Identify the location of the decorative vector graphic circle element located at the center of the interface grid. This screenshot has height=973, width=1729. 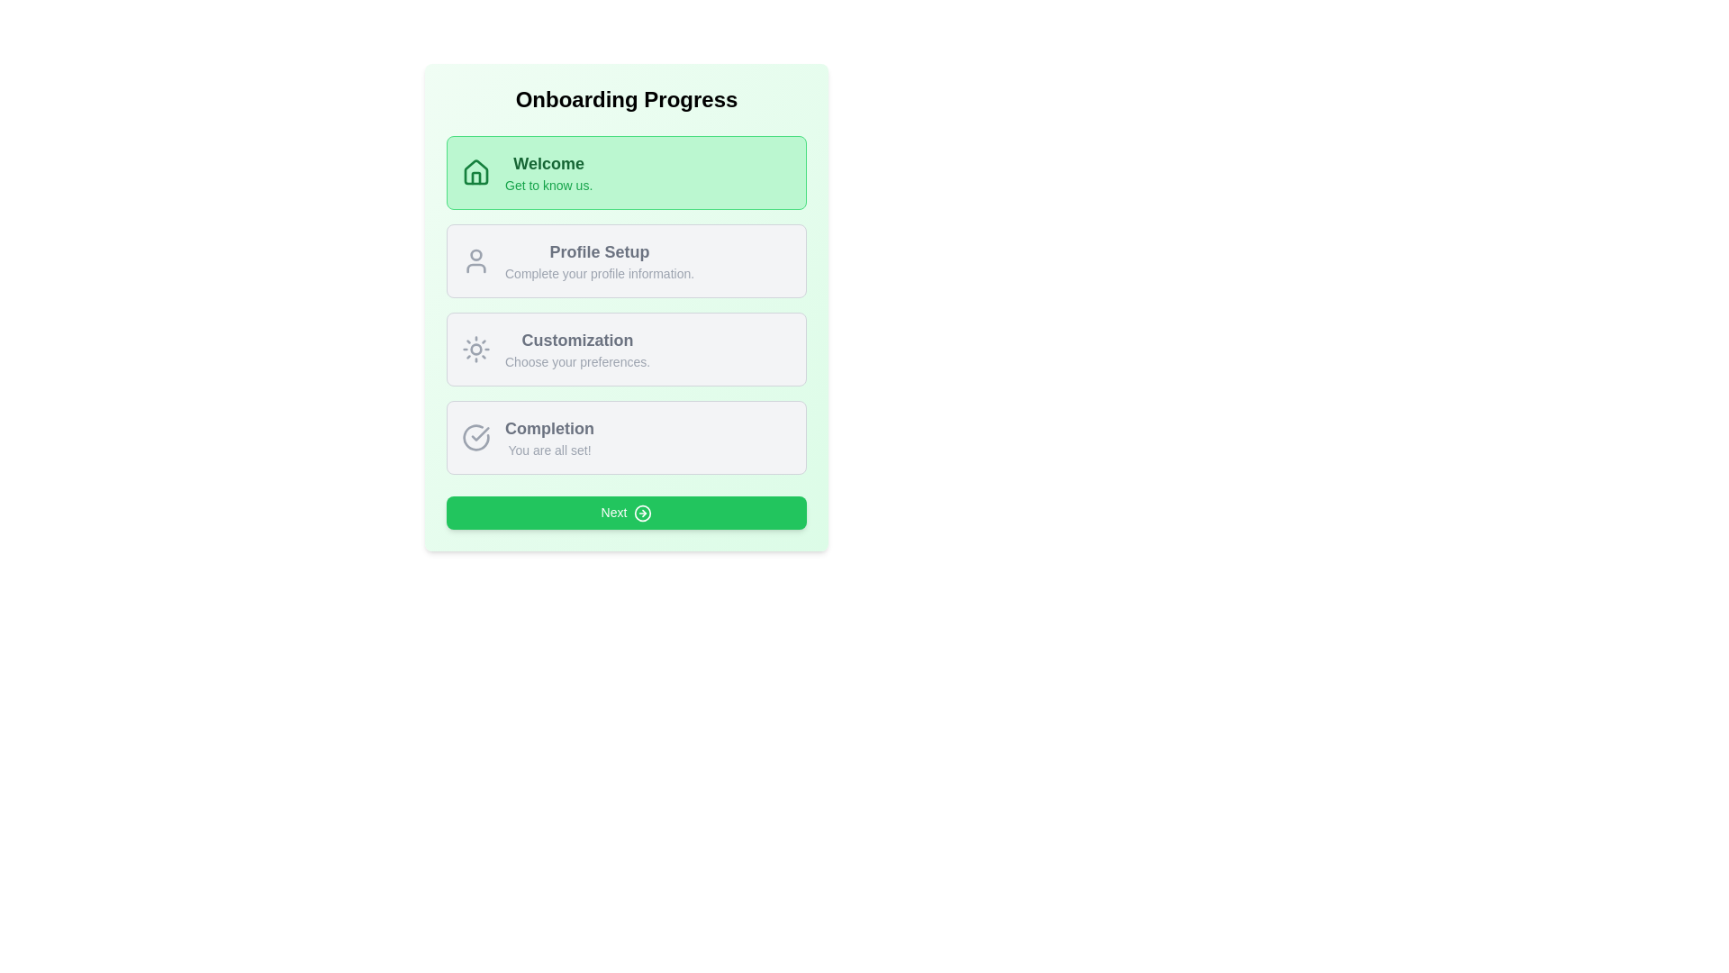
(475, 350).